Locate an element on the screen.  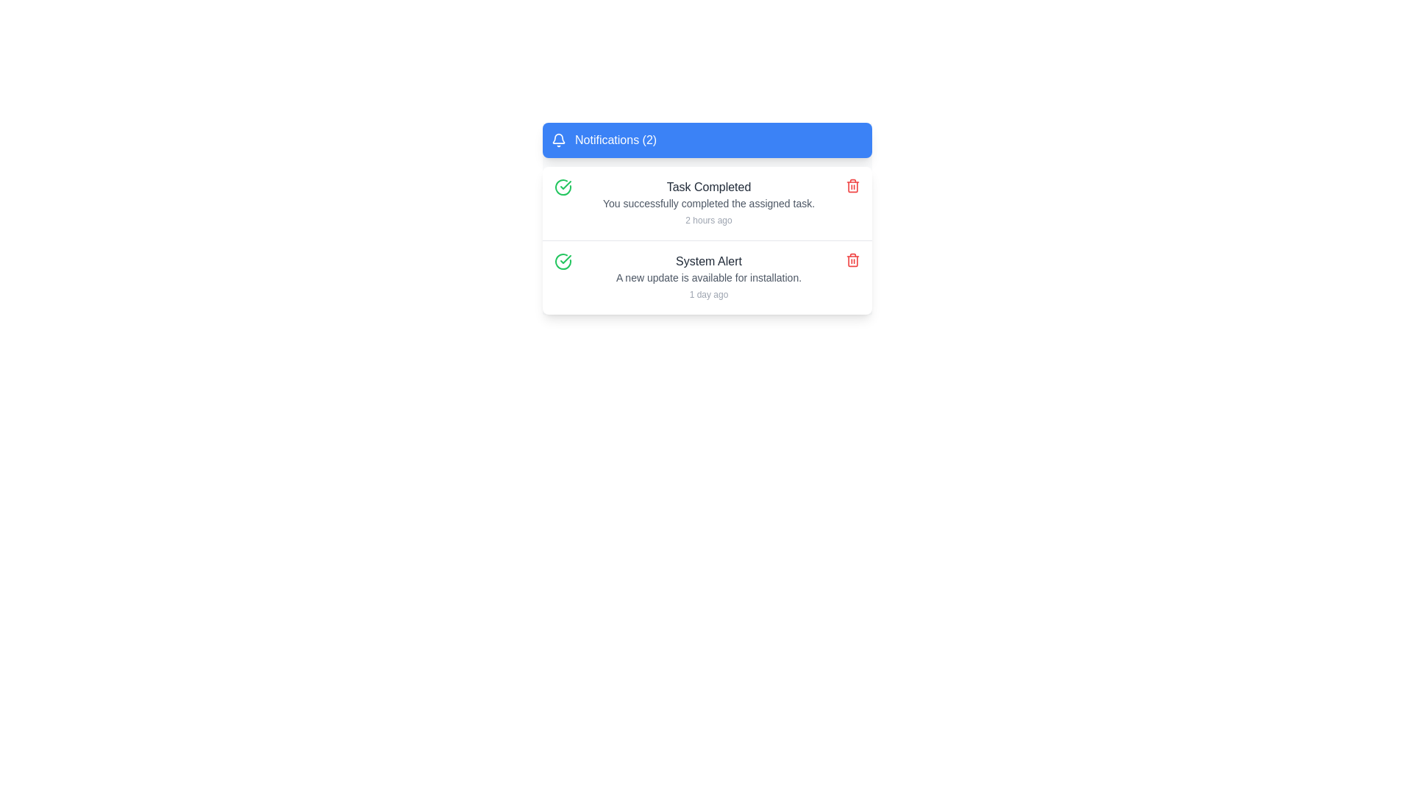
the static text label at the top of the notification card that displays the message 'A new update is available for installation.' is located at coordinates (709, 260).